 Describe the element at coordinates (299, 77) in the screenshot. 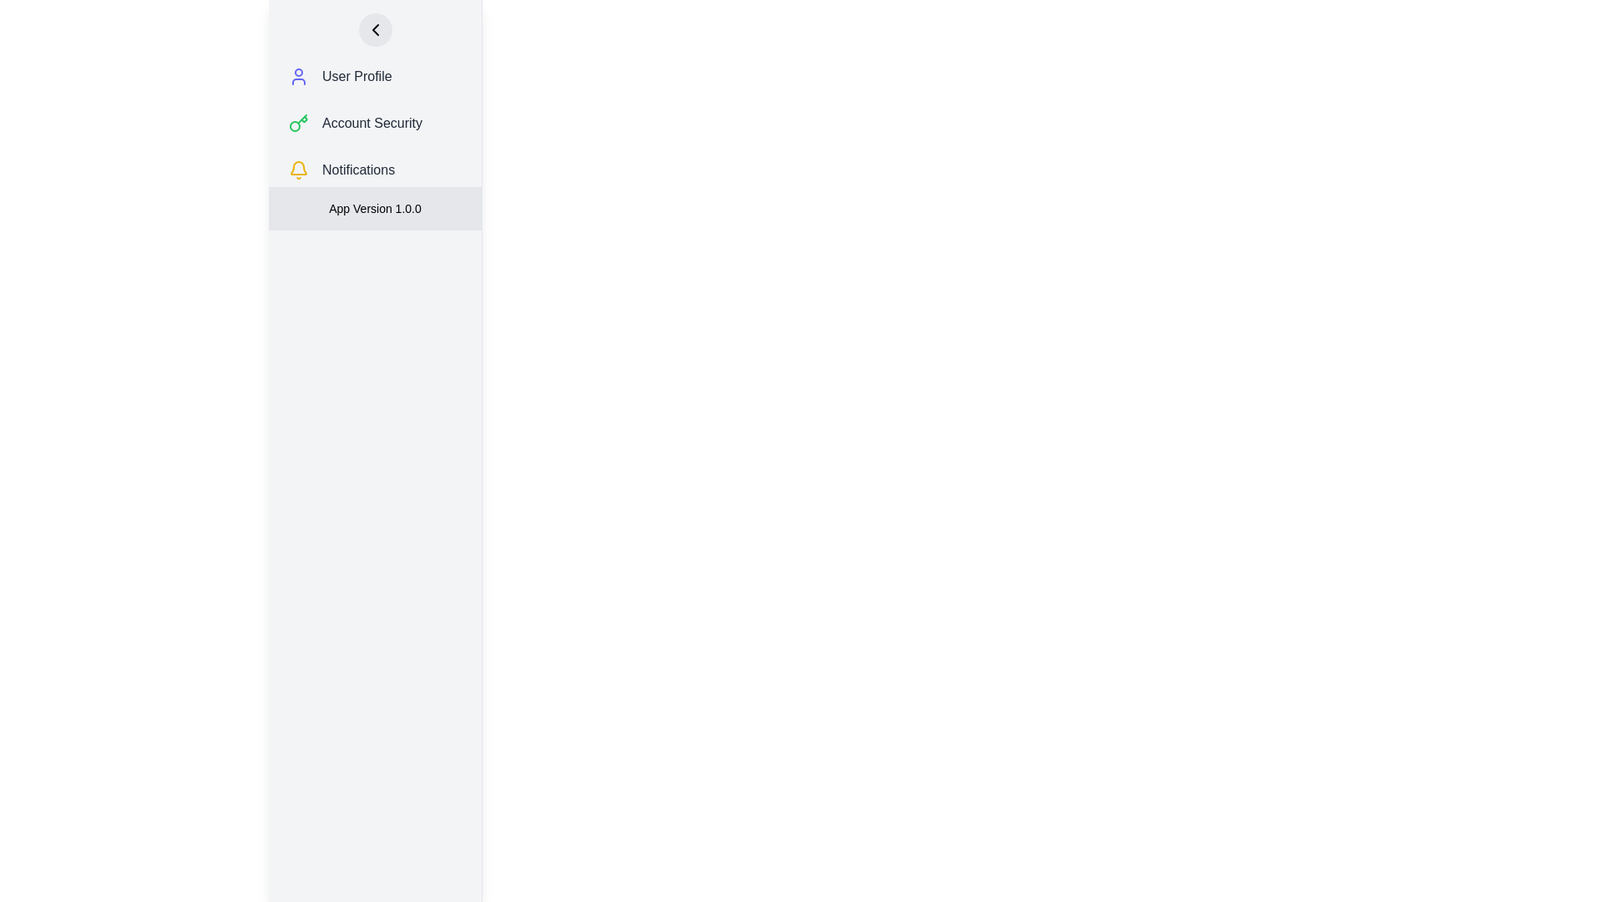

I see `the 'User Profile' icon, which is the first component in the vertical navigation menu, located to the left of the 'User Profile' text` at that location.